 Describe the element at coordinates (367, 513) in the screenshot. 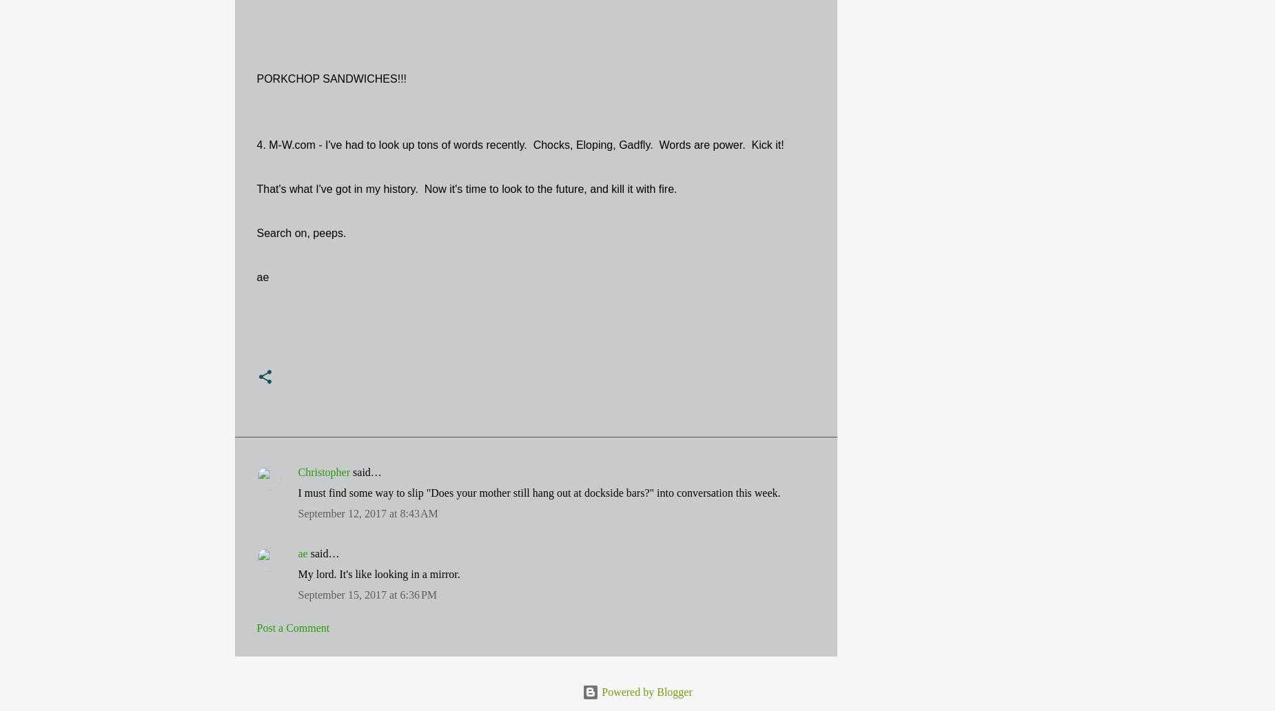

I see `'September 12, 2017 at 8:43 AM'` at that location.